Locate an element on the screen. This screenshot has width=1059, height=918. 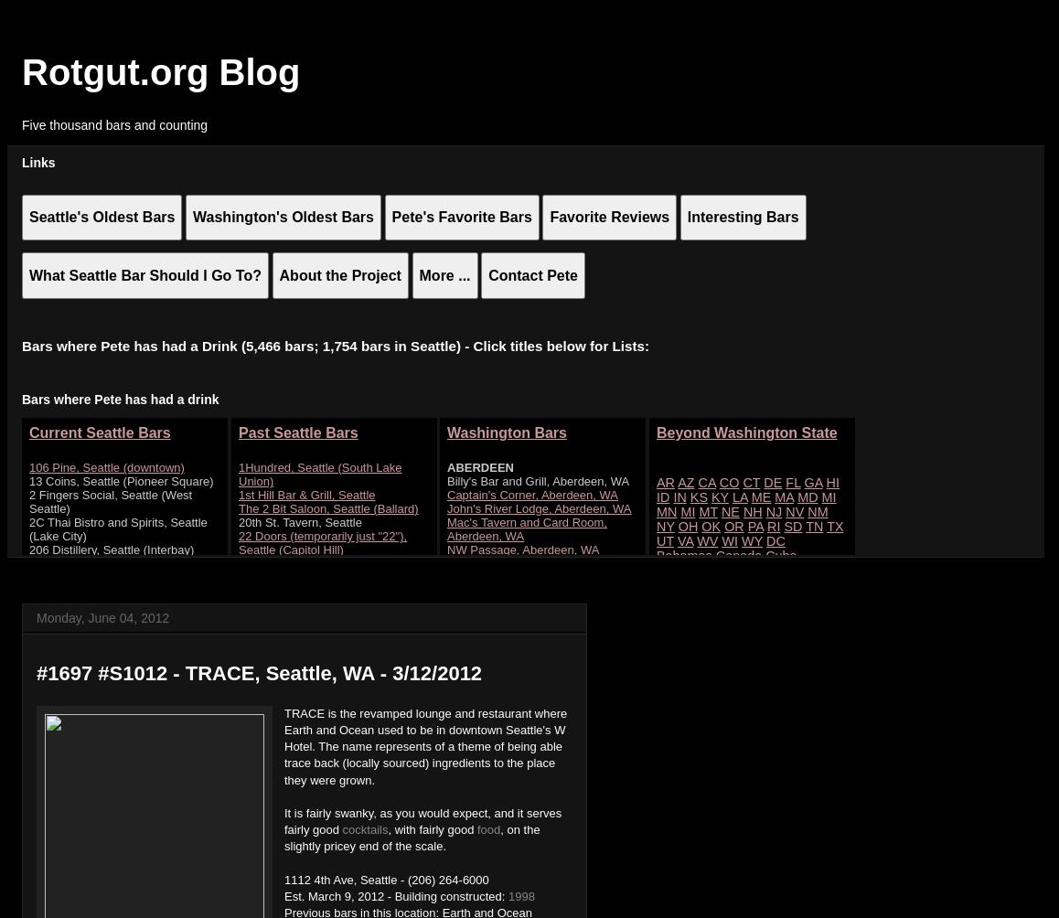
'Bars where Pete has had a Drink (5,466 bars; 1,754 bars in Seattle) - Click titles below for Lists:' is located at coordinates (334, 345).